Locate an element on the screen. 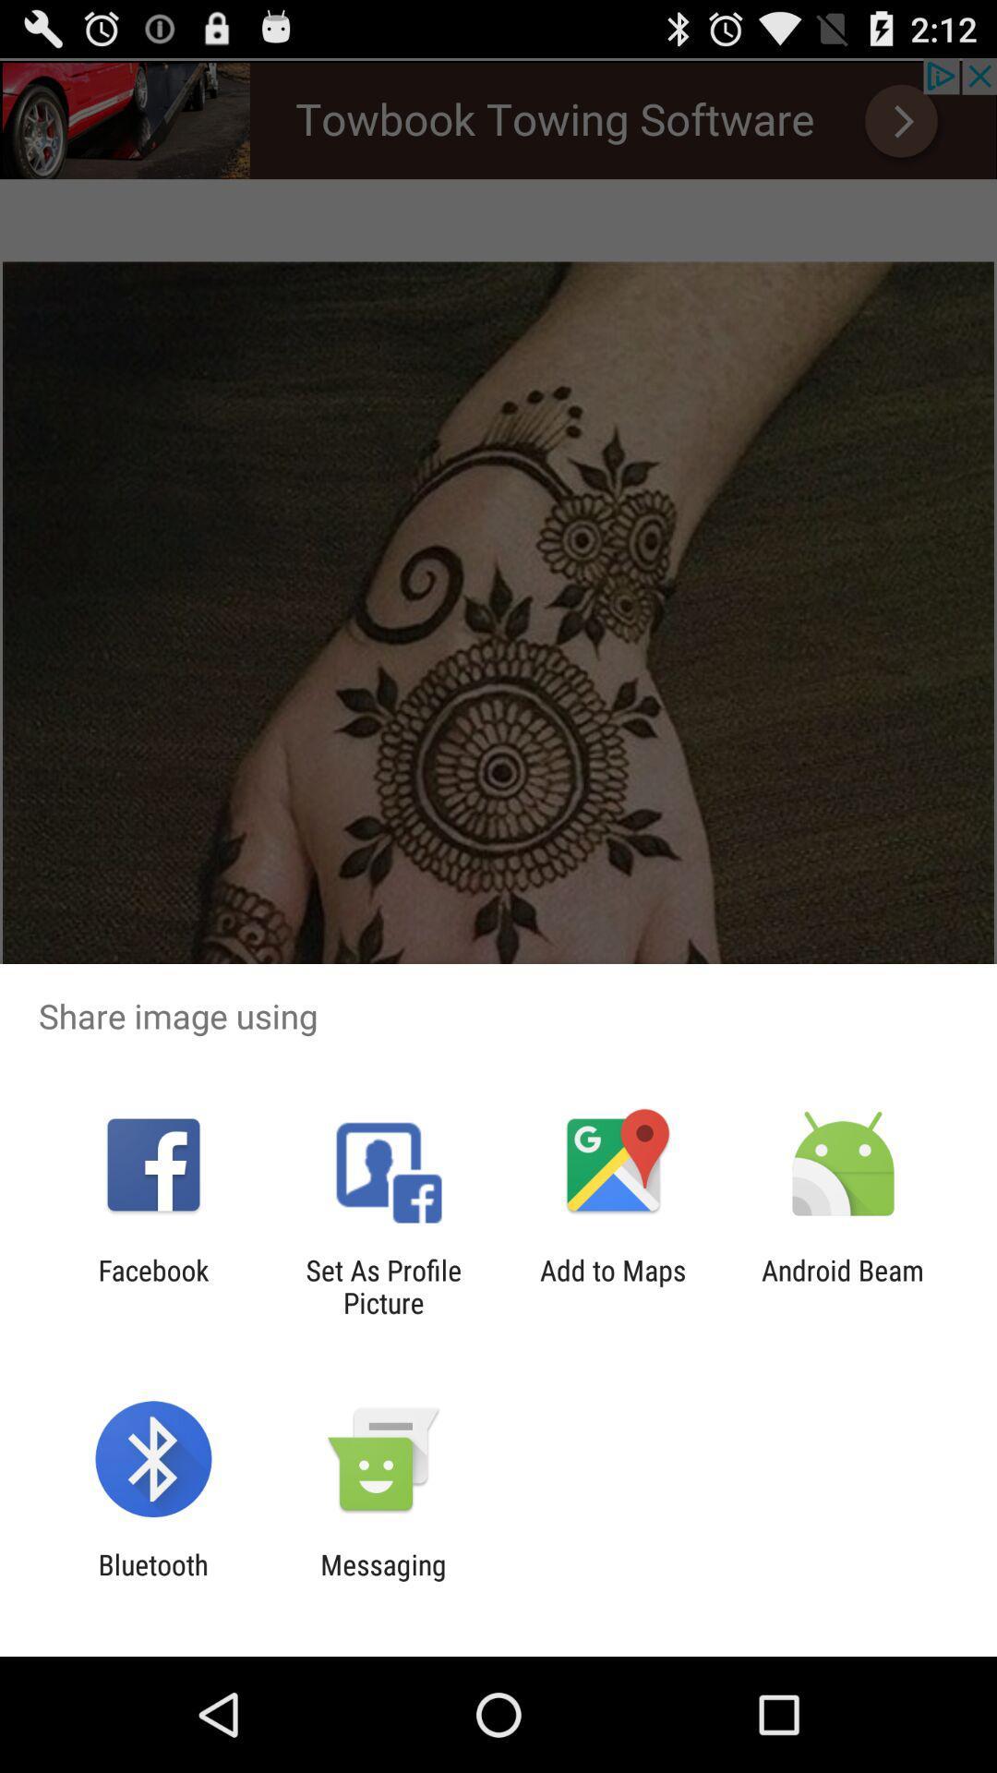  icon to the right of set as profile app is located at coordinates (613, 1285).